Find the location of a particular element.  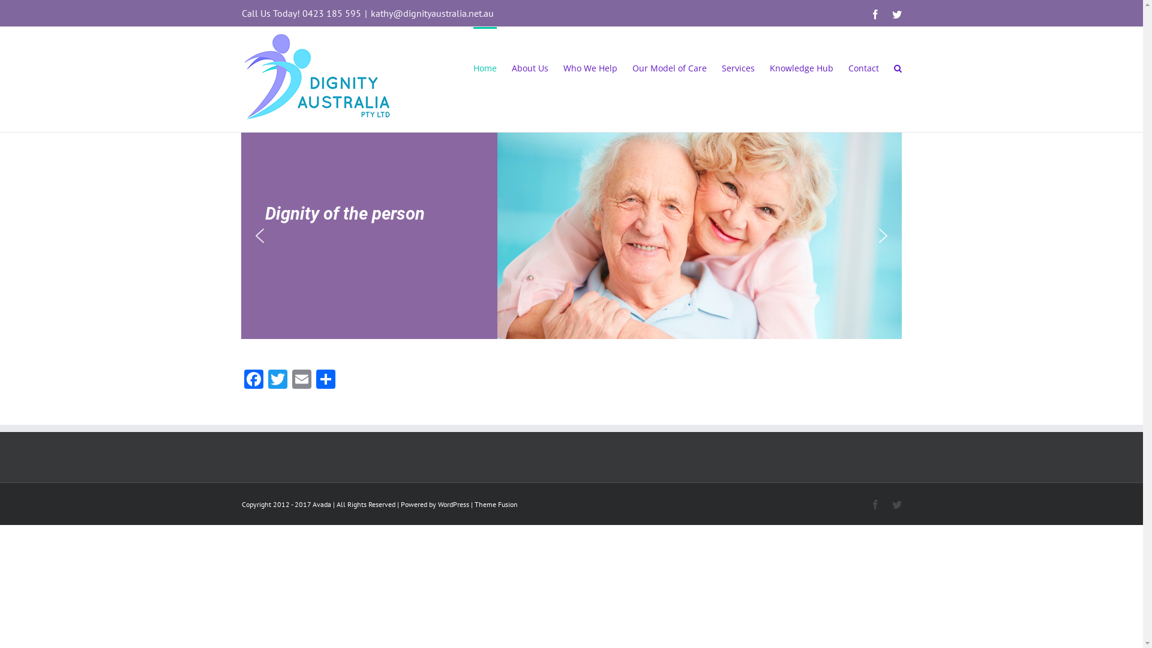

'About Us' is located at coordinates (529, 67).